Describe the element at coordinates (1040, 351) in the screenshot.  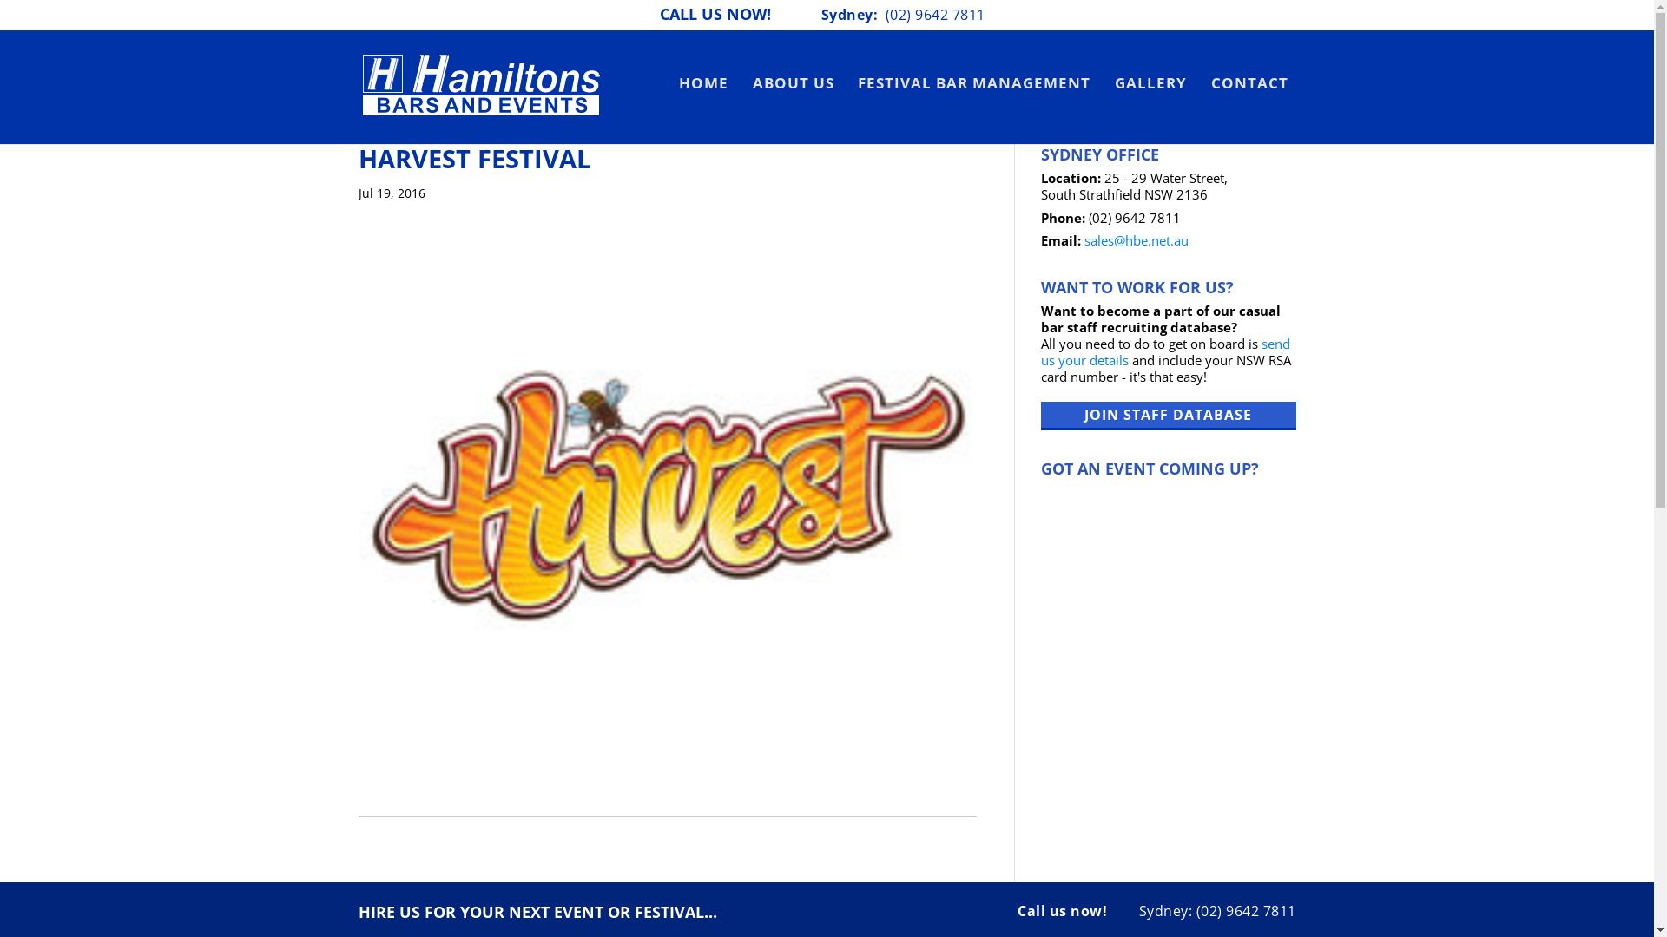
I see `'send us your details'` at that location.